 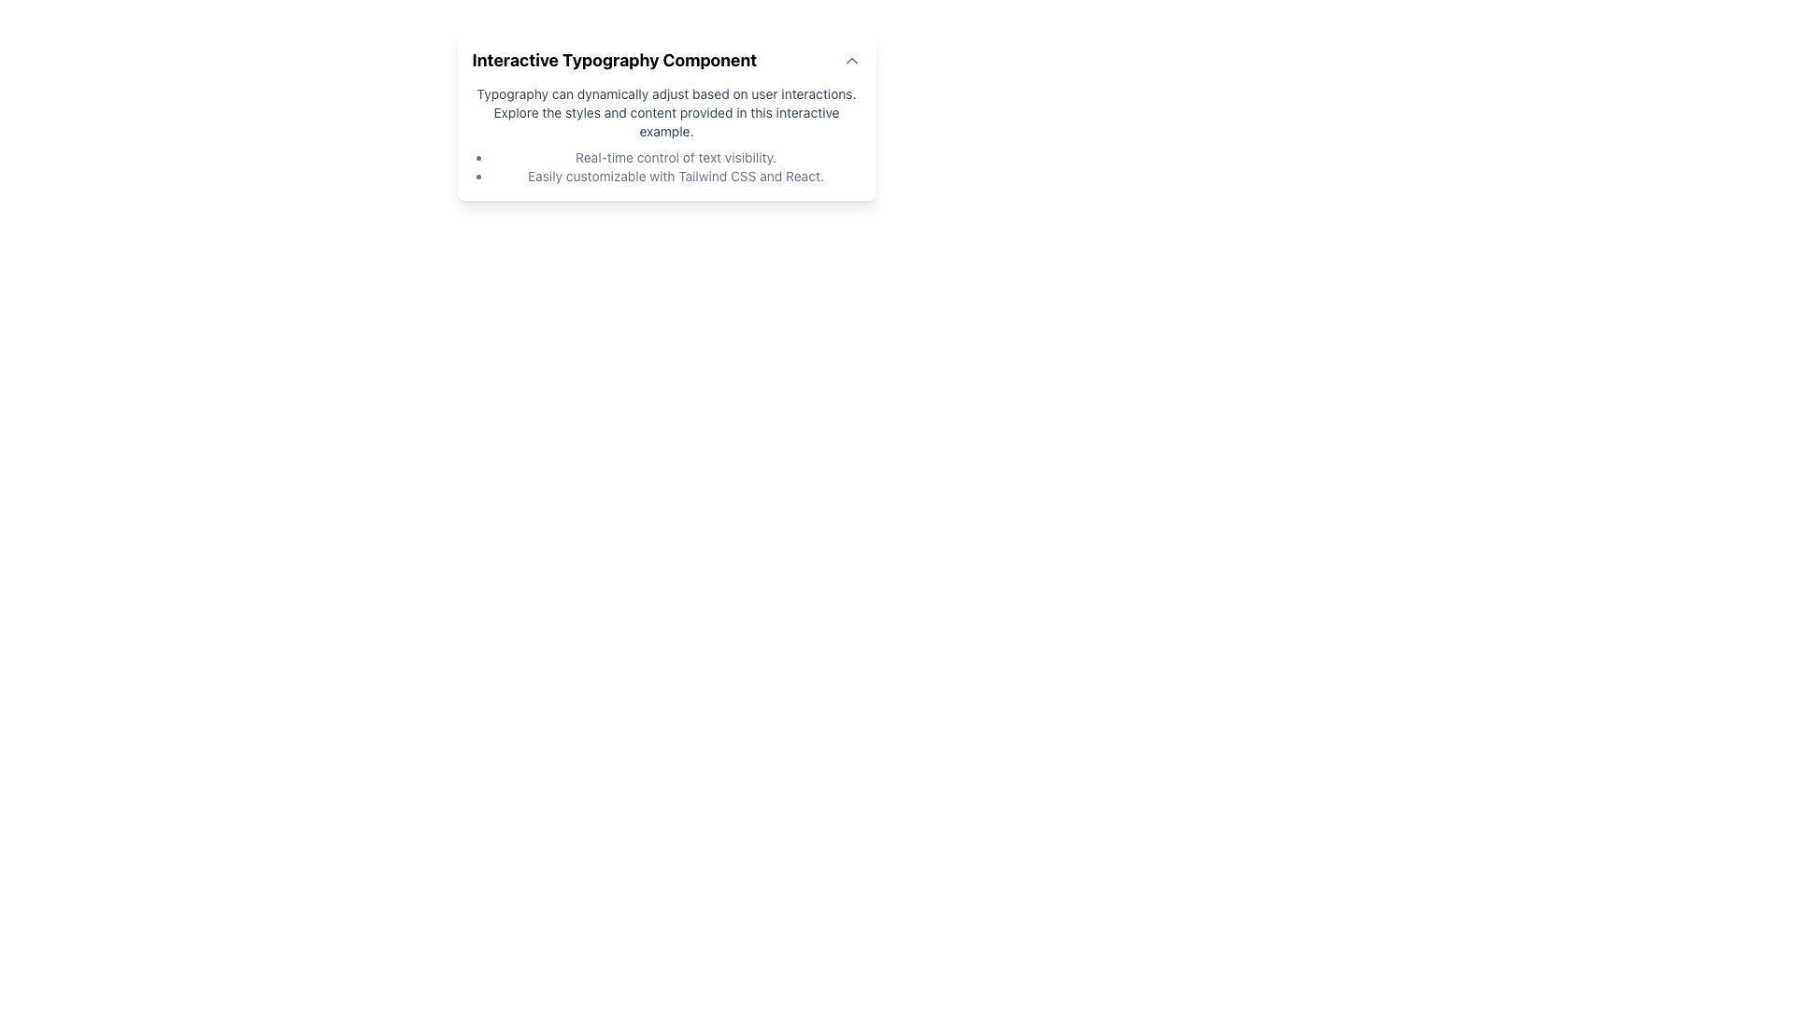 I want to click on the Informational Text that introduces typography adjustments, located directly below the header 'Interactive Typography Component', so click(x=666, y=112).